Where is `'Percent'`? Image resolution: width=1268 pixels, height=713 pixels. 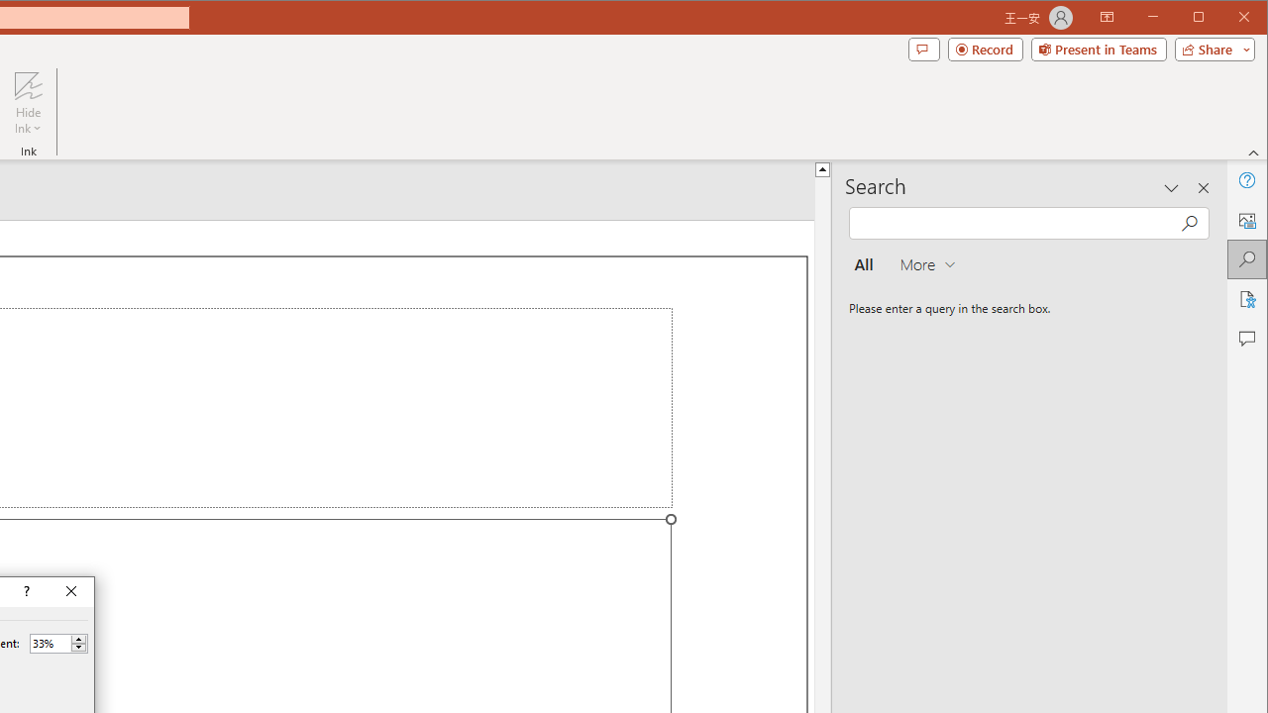 'Percent' is located at coordinates (50, 643).